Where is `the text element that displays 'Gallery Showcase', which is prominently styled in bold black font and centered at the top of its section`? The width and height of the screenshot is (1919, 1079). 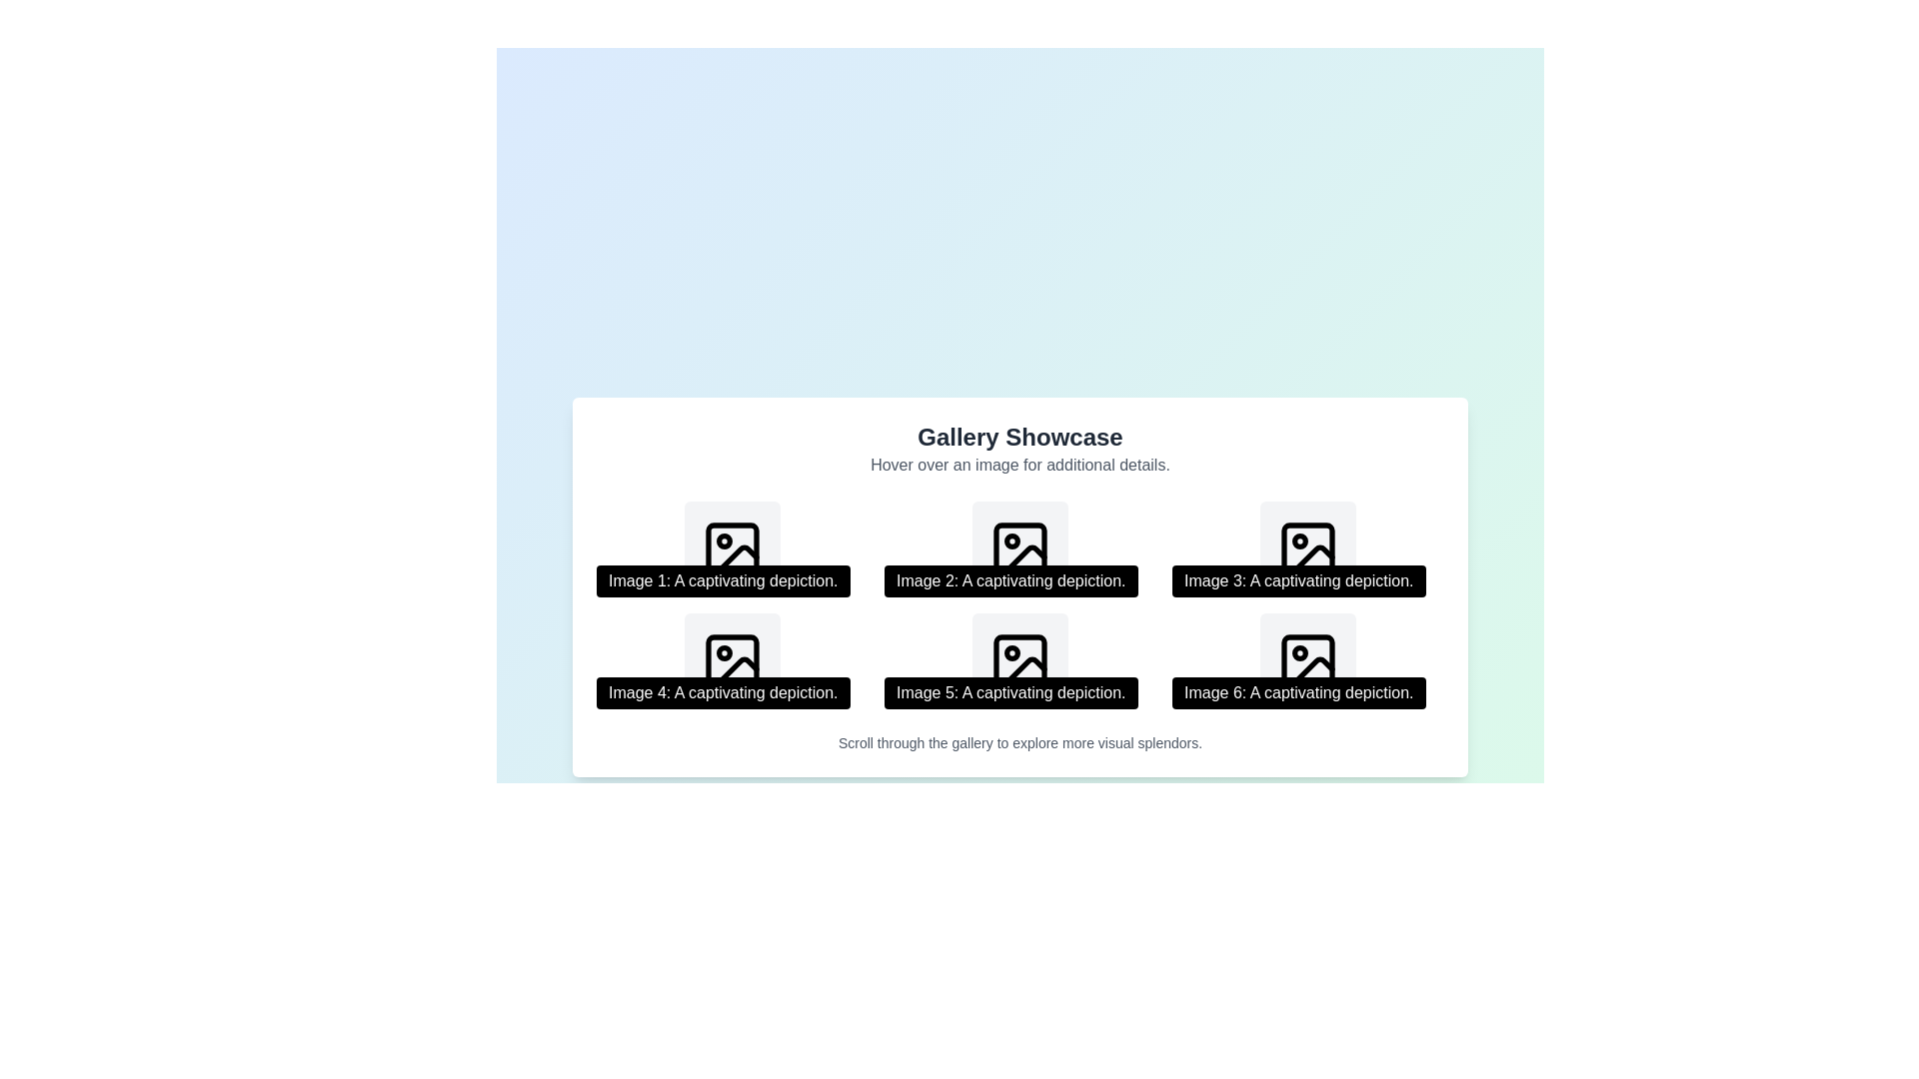 the text element that displays 'Gallery Showcase', which is prominently styled in bold black font and centered at the top of its section is located at coordinates (1020, 437).